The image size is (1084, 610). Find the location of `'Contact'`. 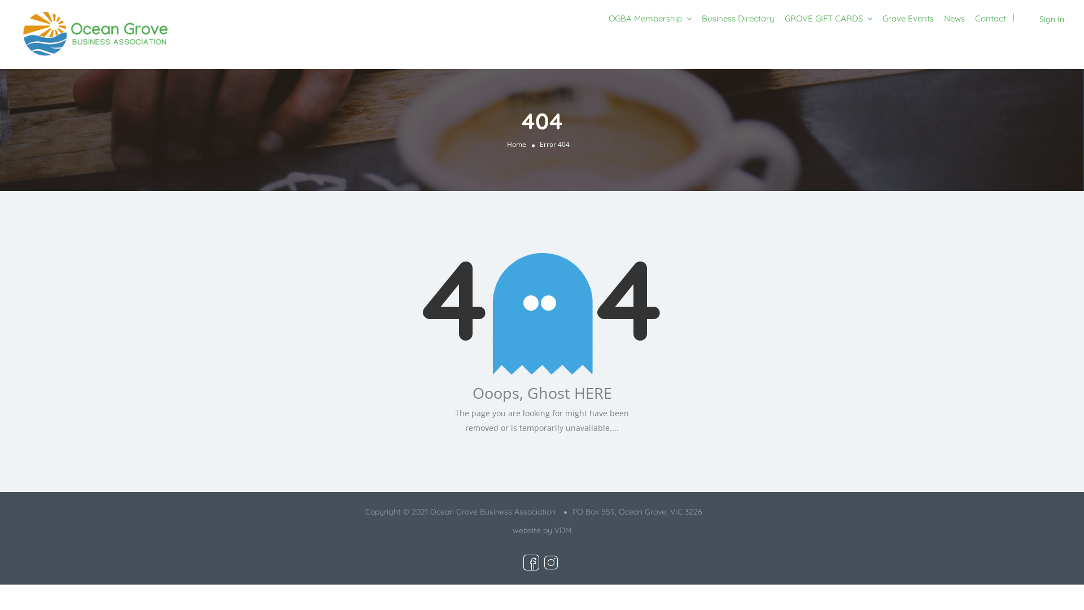

'Contact' is located at coordinates (990, 18).